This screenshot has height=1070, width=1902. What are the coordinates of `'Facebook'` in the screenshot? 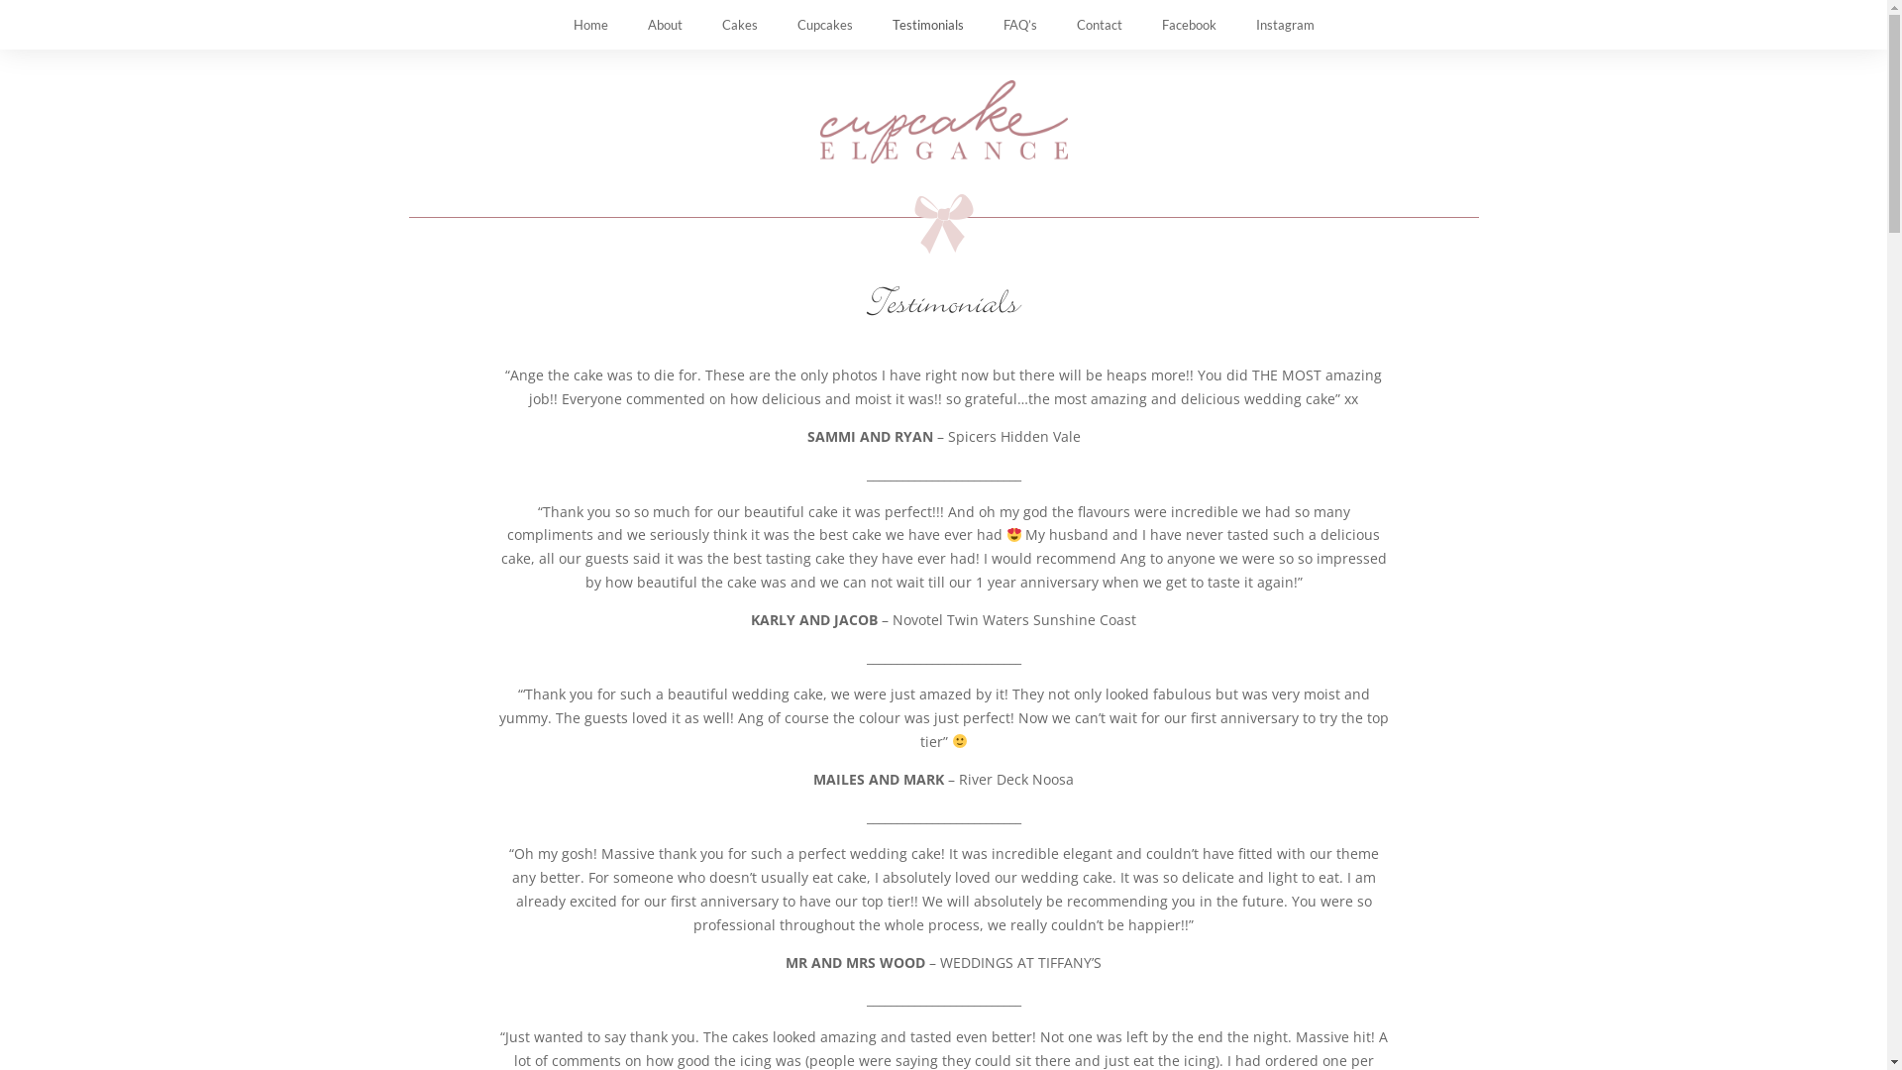 It's located at (1141, 24).